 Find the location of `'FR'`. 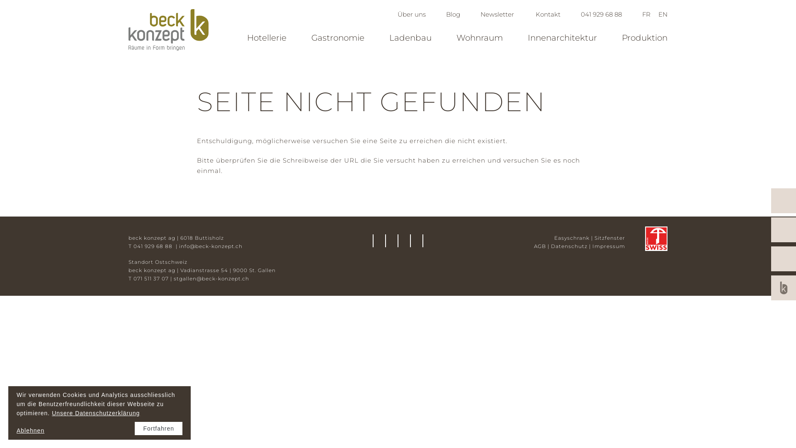

'FR' is located at coordinates (646, 14).